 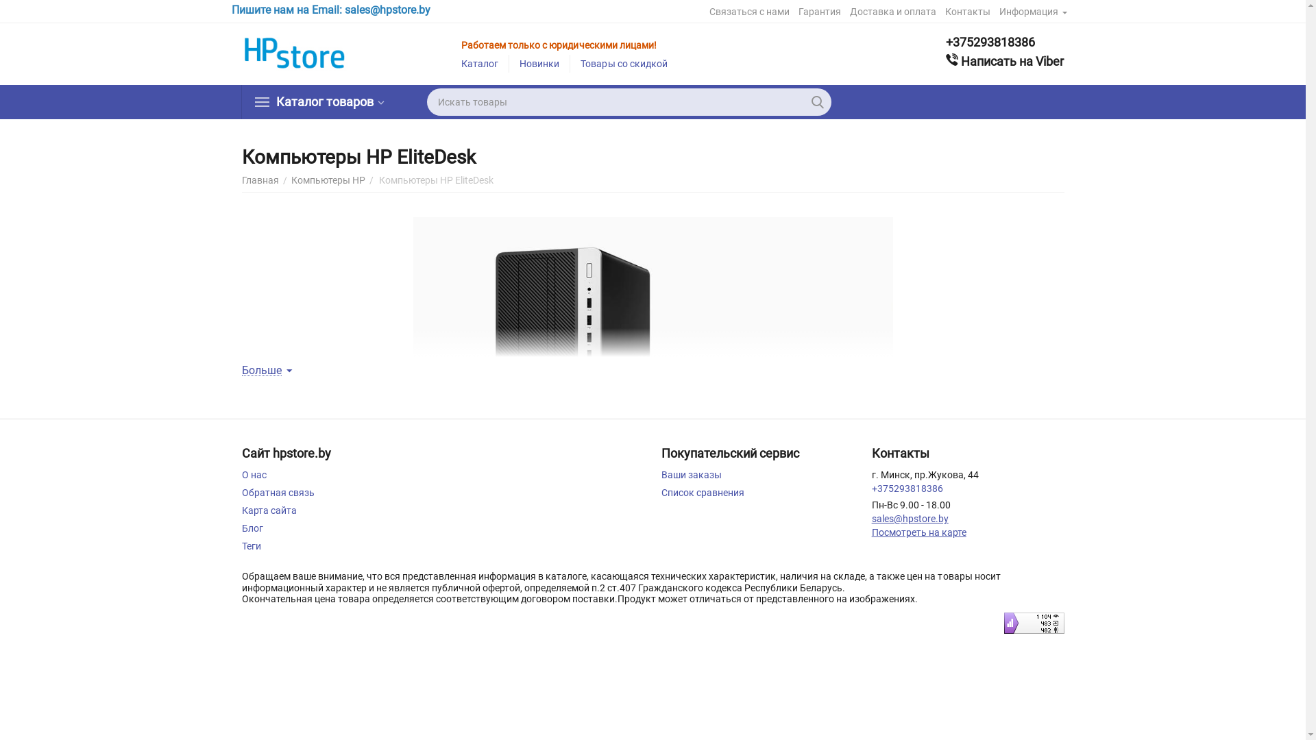 What do you see at coordinates (295, 52) in the screenshot?
I see `'HPstore.by'` at bounding box center [295, 52].